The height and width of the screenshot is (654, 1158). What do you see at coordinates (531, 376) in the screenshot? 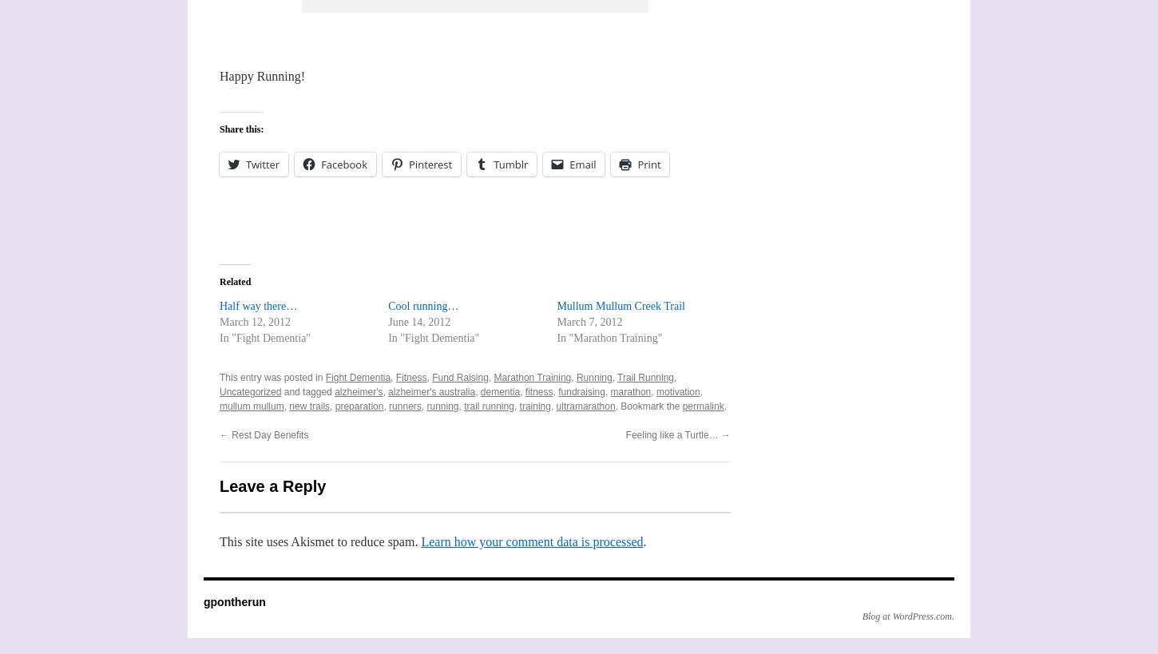
I see `'Marathon Training'` at bounding box center [531, 376].